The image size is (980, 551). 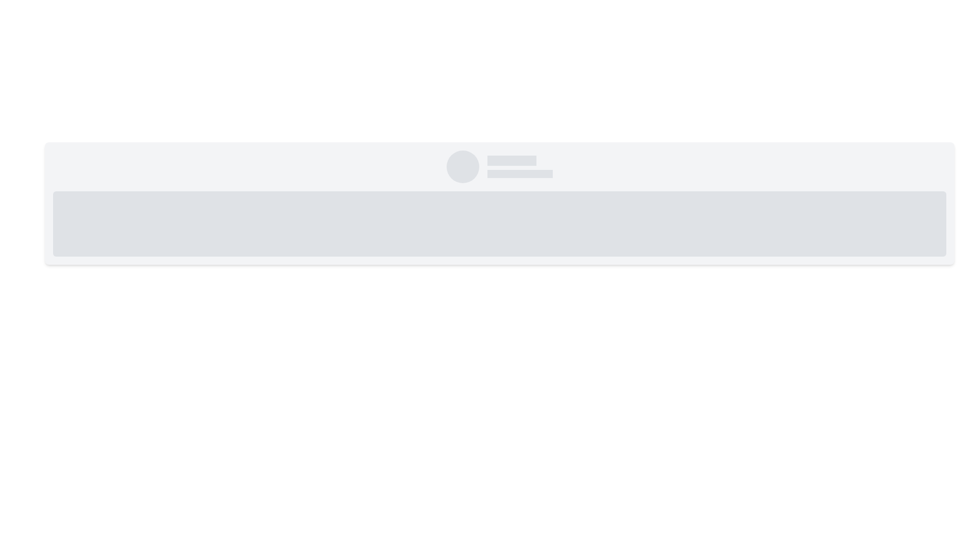 I want to click on the centrally positioned component group that includes a circular grey placeholder and two rows of grey bars, resembling a profile block, so click(x=500, y=166).